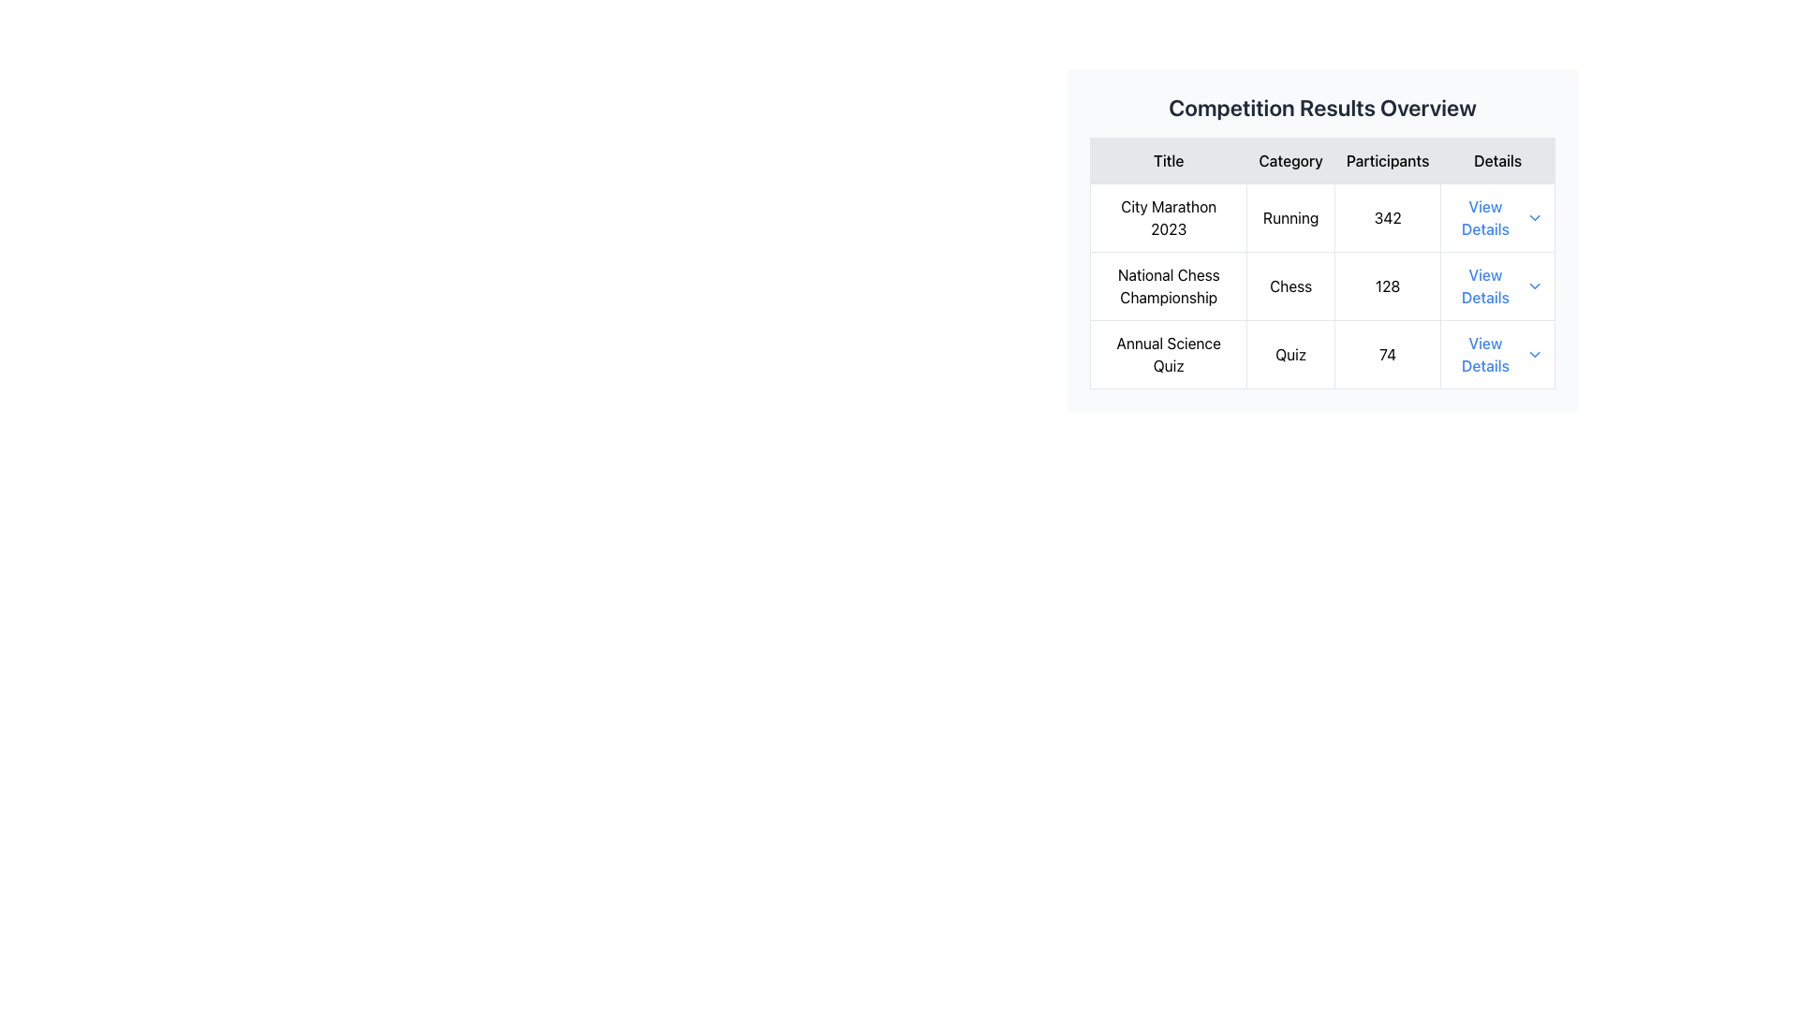 The height and width of the screenshot is (1011, 1798). What do you see at coordinates (1168, 160) in the screenshot?
I see `text of the 'Title' column header, which is the first header in the table grid layout` at bounding box center [1168, 160].